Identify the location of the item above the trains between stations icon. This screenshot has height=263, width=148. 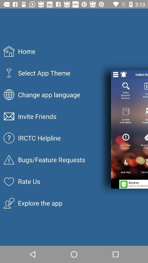
(115, 74).